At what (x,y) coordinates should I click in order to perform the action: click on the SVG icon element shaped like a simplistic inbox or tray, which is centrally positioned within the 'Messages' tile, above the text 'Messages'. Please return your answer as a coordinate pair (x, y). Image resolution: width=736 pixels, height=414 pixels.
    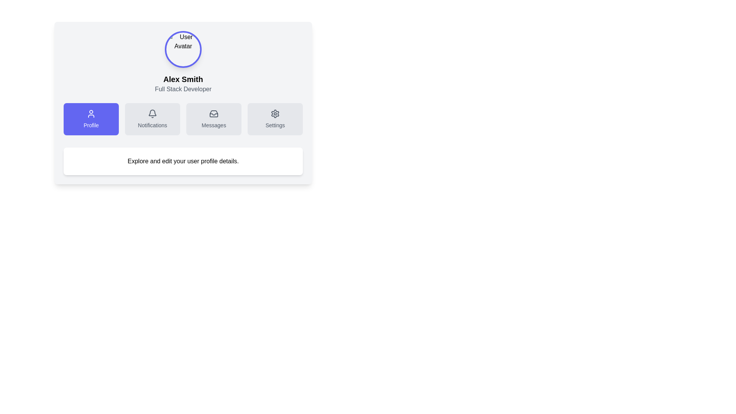
    Looking at the image, I should click on (214, 114).